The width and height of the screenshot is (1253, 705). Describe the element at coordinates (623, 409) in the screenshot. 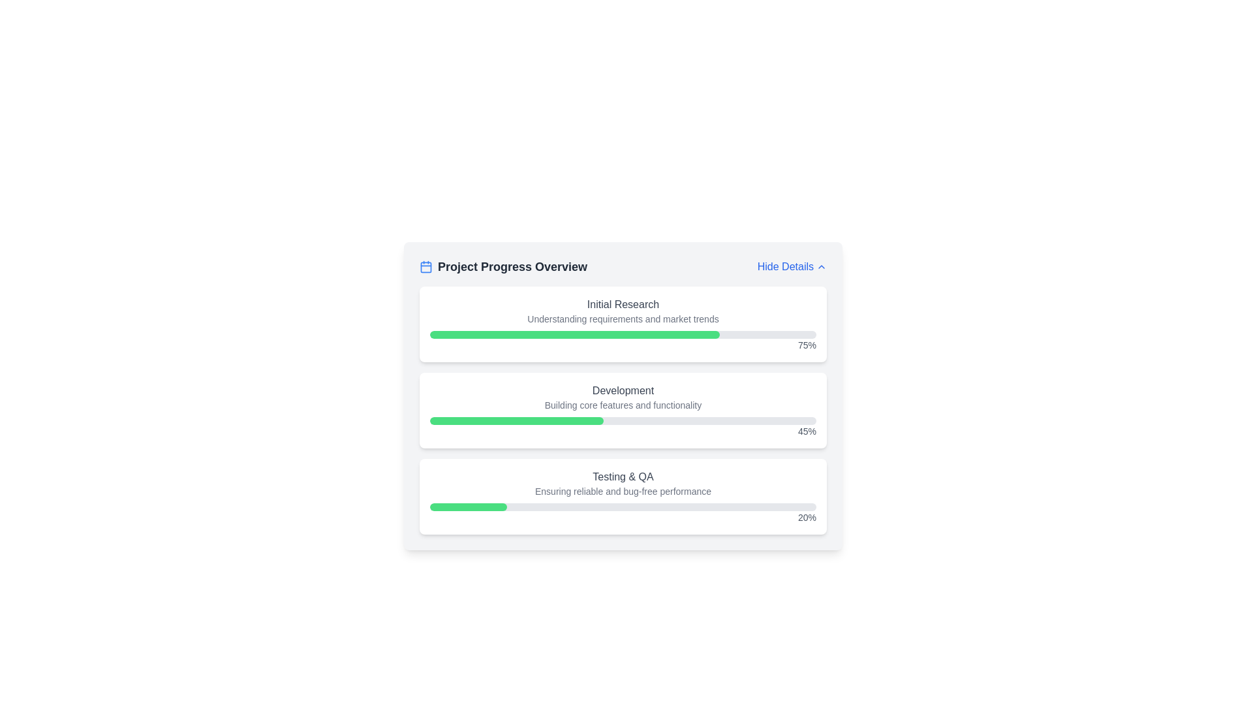

I see `the grouped progress display element located centrally within the 'Project Progress Overview' section to interact with adjacent elements for navigation` at that location.